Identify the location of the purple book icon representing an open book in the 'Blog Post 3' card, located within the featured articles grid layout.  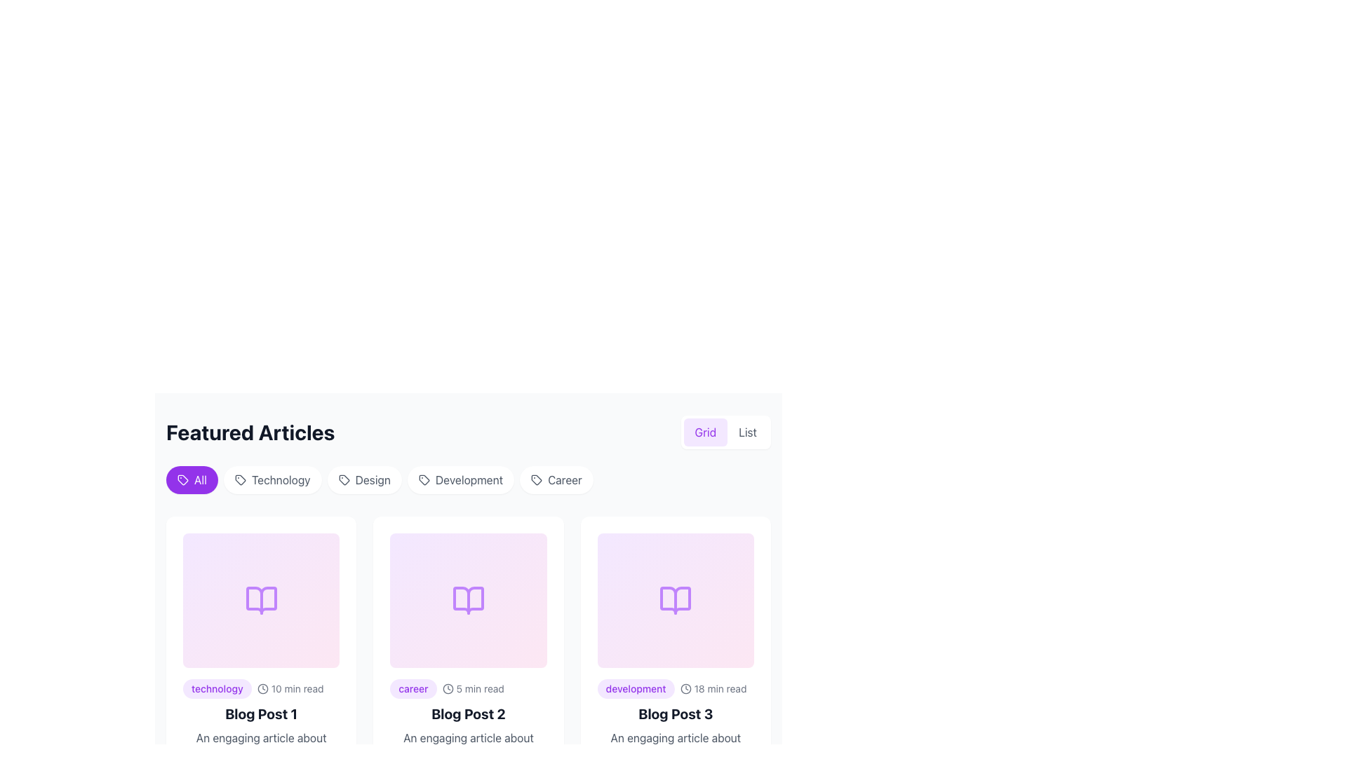
(676, 599).